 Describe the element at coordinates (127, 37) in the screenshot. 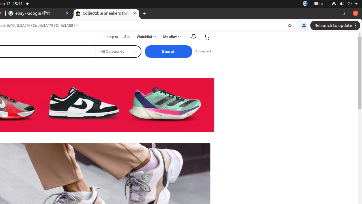

I see `'Sell'` at that location.